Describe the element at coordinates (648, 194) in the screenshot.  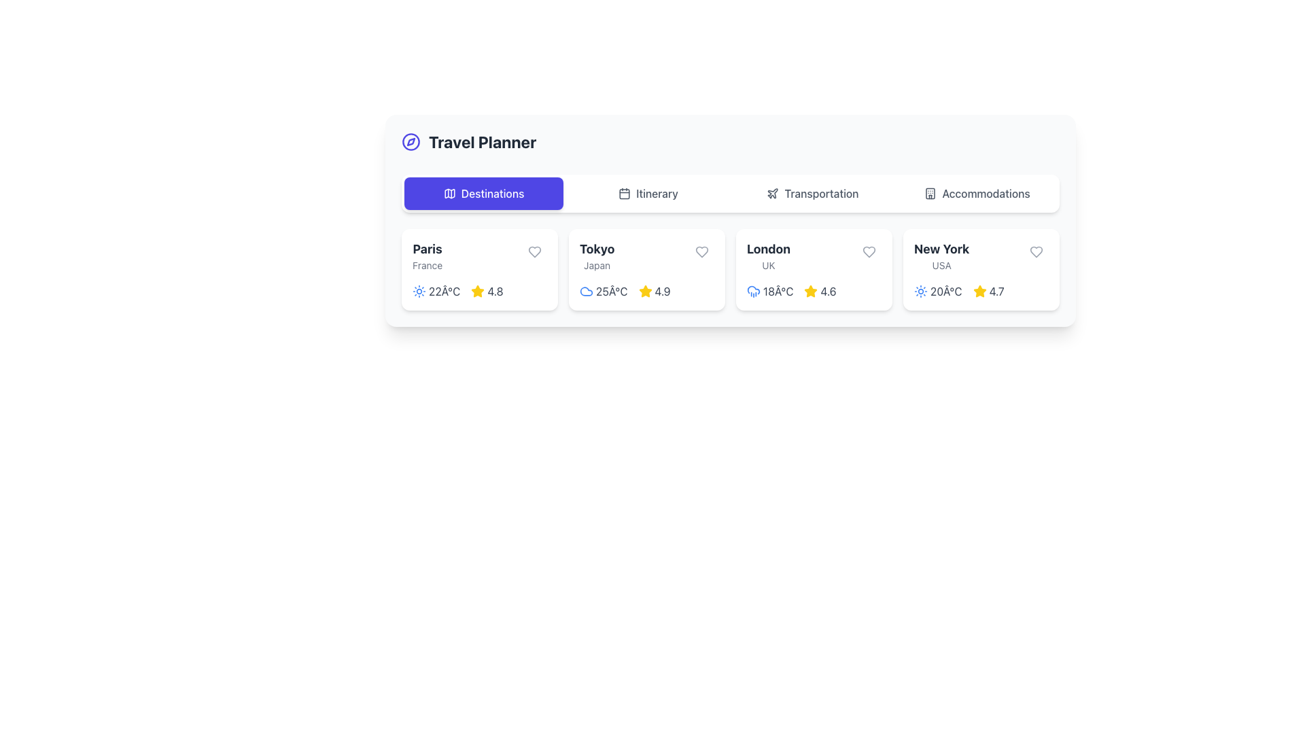
I see `the second button in the row of four buttons under the title 'Travel Planner'` at that location.